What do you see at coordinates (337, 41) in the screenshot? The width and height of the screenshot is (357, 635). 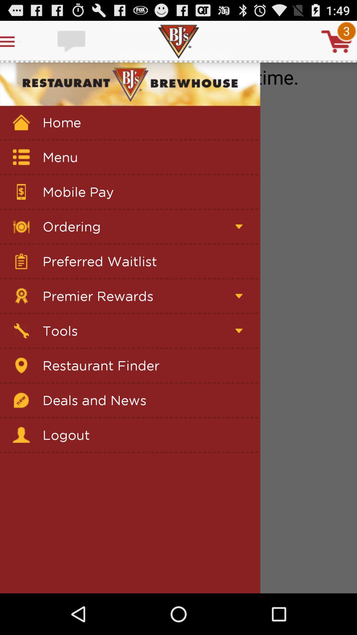 I see `item above the sorry no notifications item` at bounding box center [337, 41].